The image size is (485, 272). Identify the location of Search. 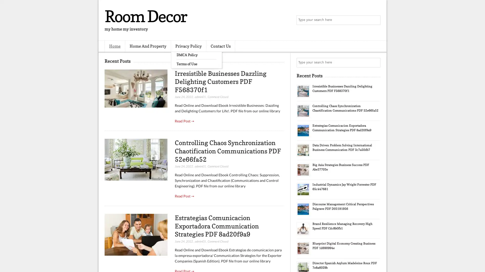
(375, 20).